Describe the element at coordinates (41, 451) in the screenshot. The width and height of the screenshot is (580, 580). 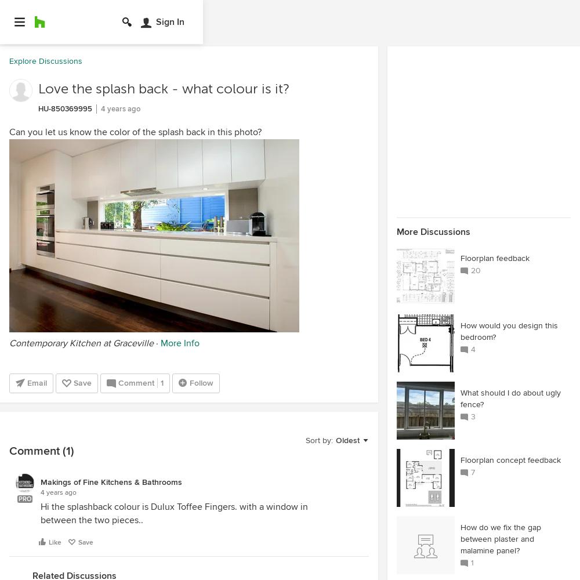
I see `'Comment (1)'` at that location.